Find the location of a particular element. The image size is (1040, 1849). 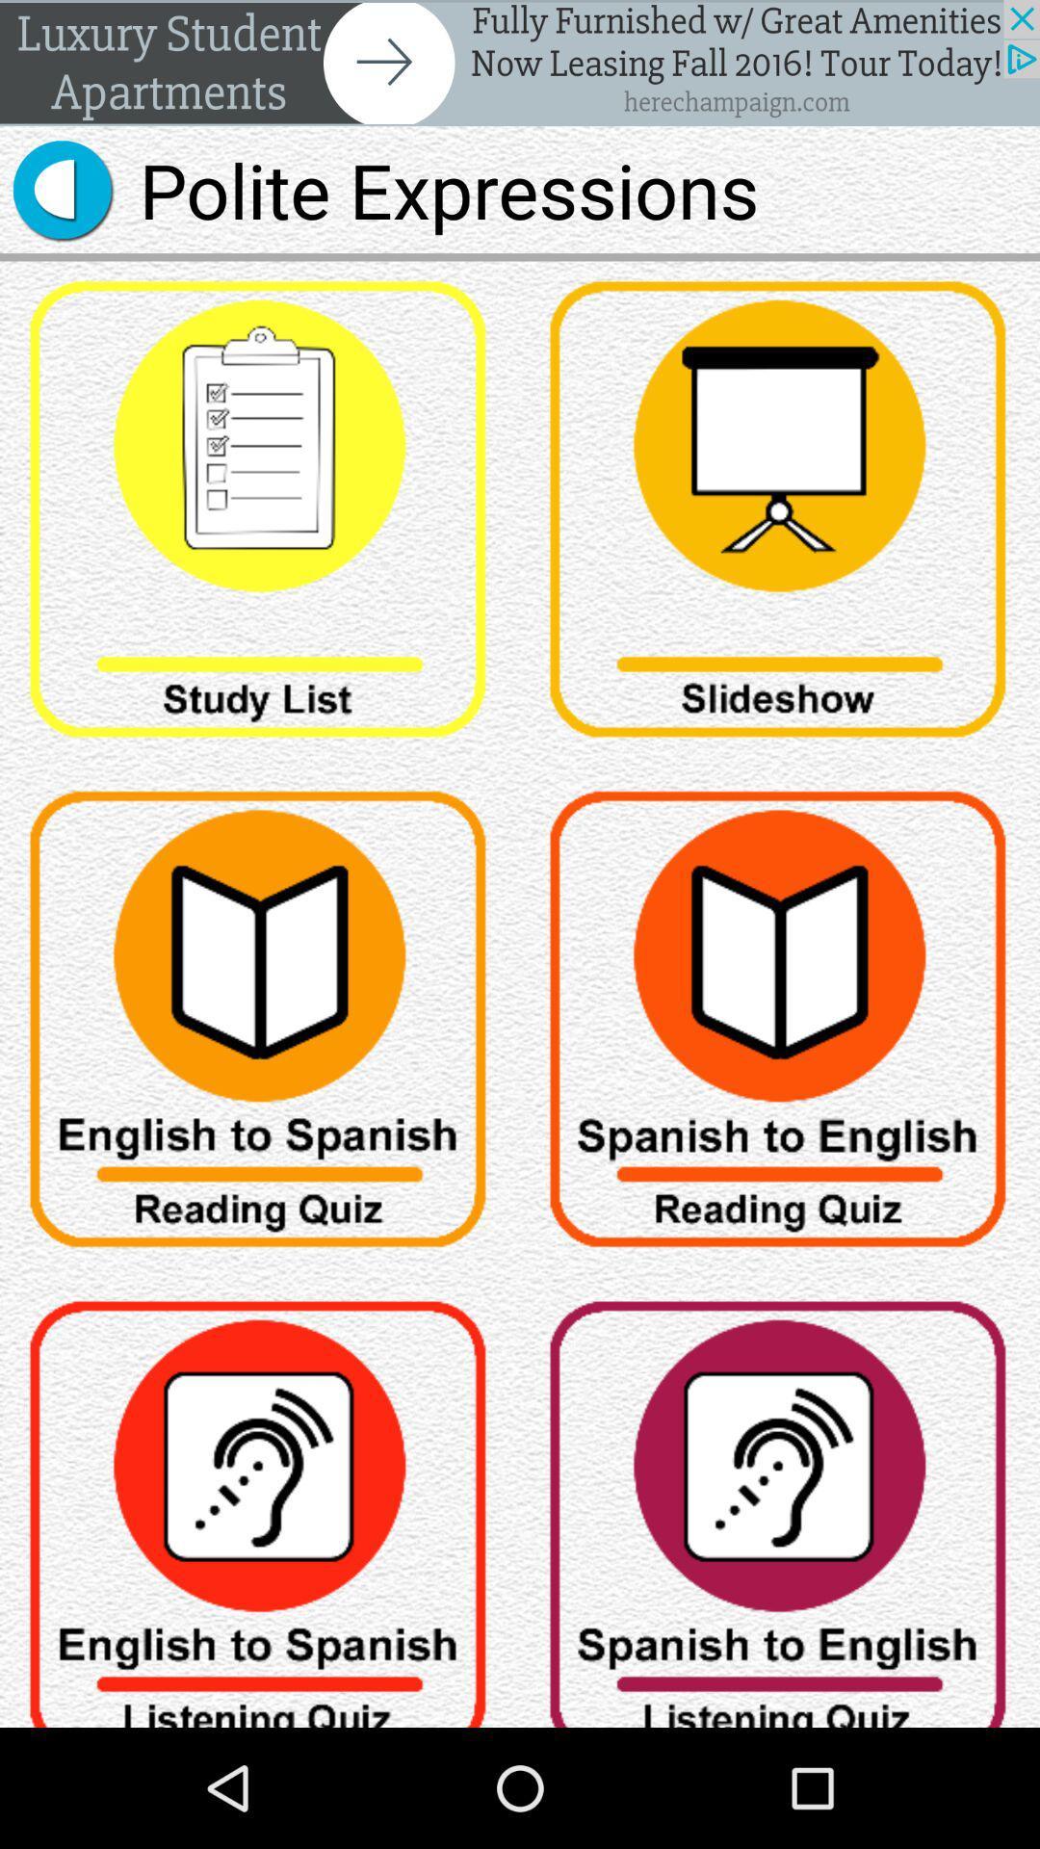

advertisement is located at coordinates (520, 63).